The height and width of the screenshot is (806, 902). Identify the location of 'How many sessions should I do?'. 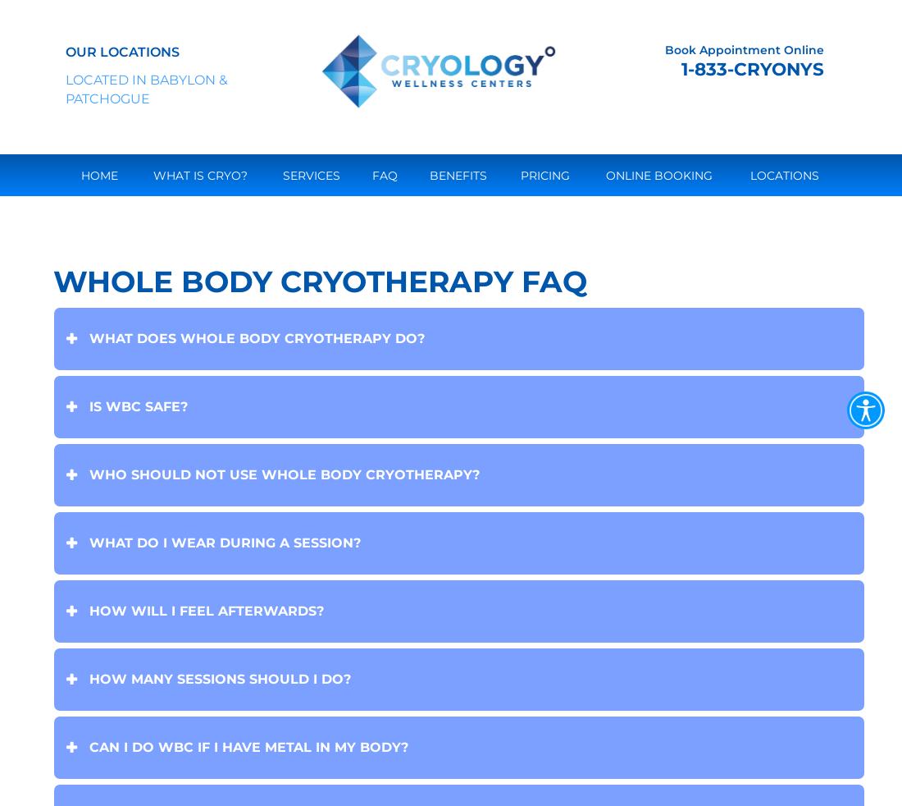
(220, 678).